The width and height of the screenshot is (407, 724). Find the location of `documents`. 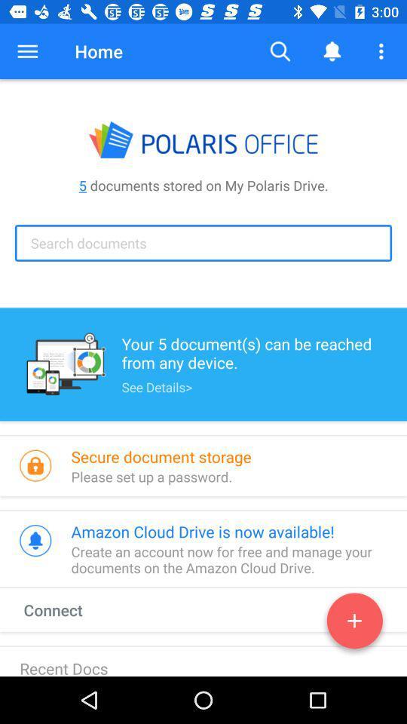

documents is located at coordinates (354, 624).